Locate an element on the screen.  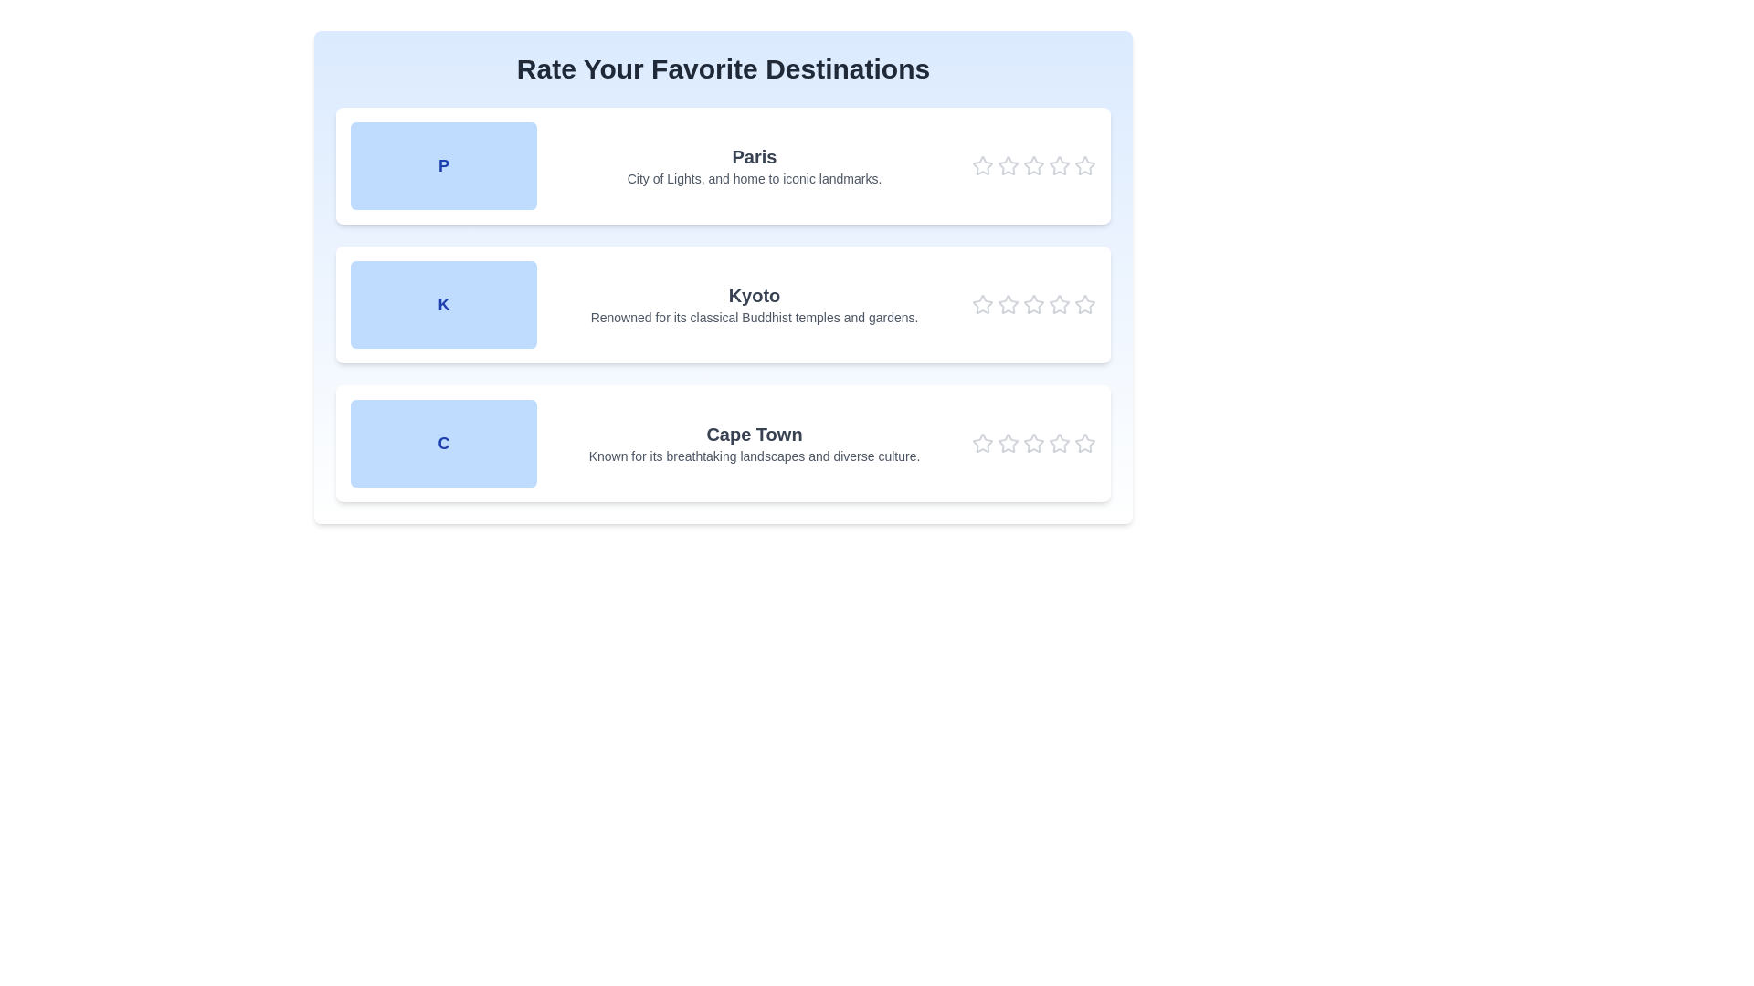
the first grayish star icon in the rating group located to the right of the 'Kyoto' label in the second row of the list is located at coordinates (981, 304).